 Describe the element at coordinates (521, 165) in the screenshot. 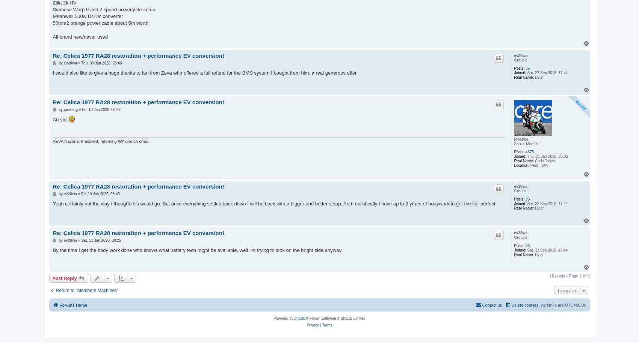

I see `'Location:'` at that location.